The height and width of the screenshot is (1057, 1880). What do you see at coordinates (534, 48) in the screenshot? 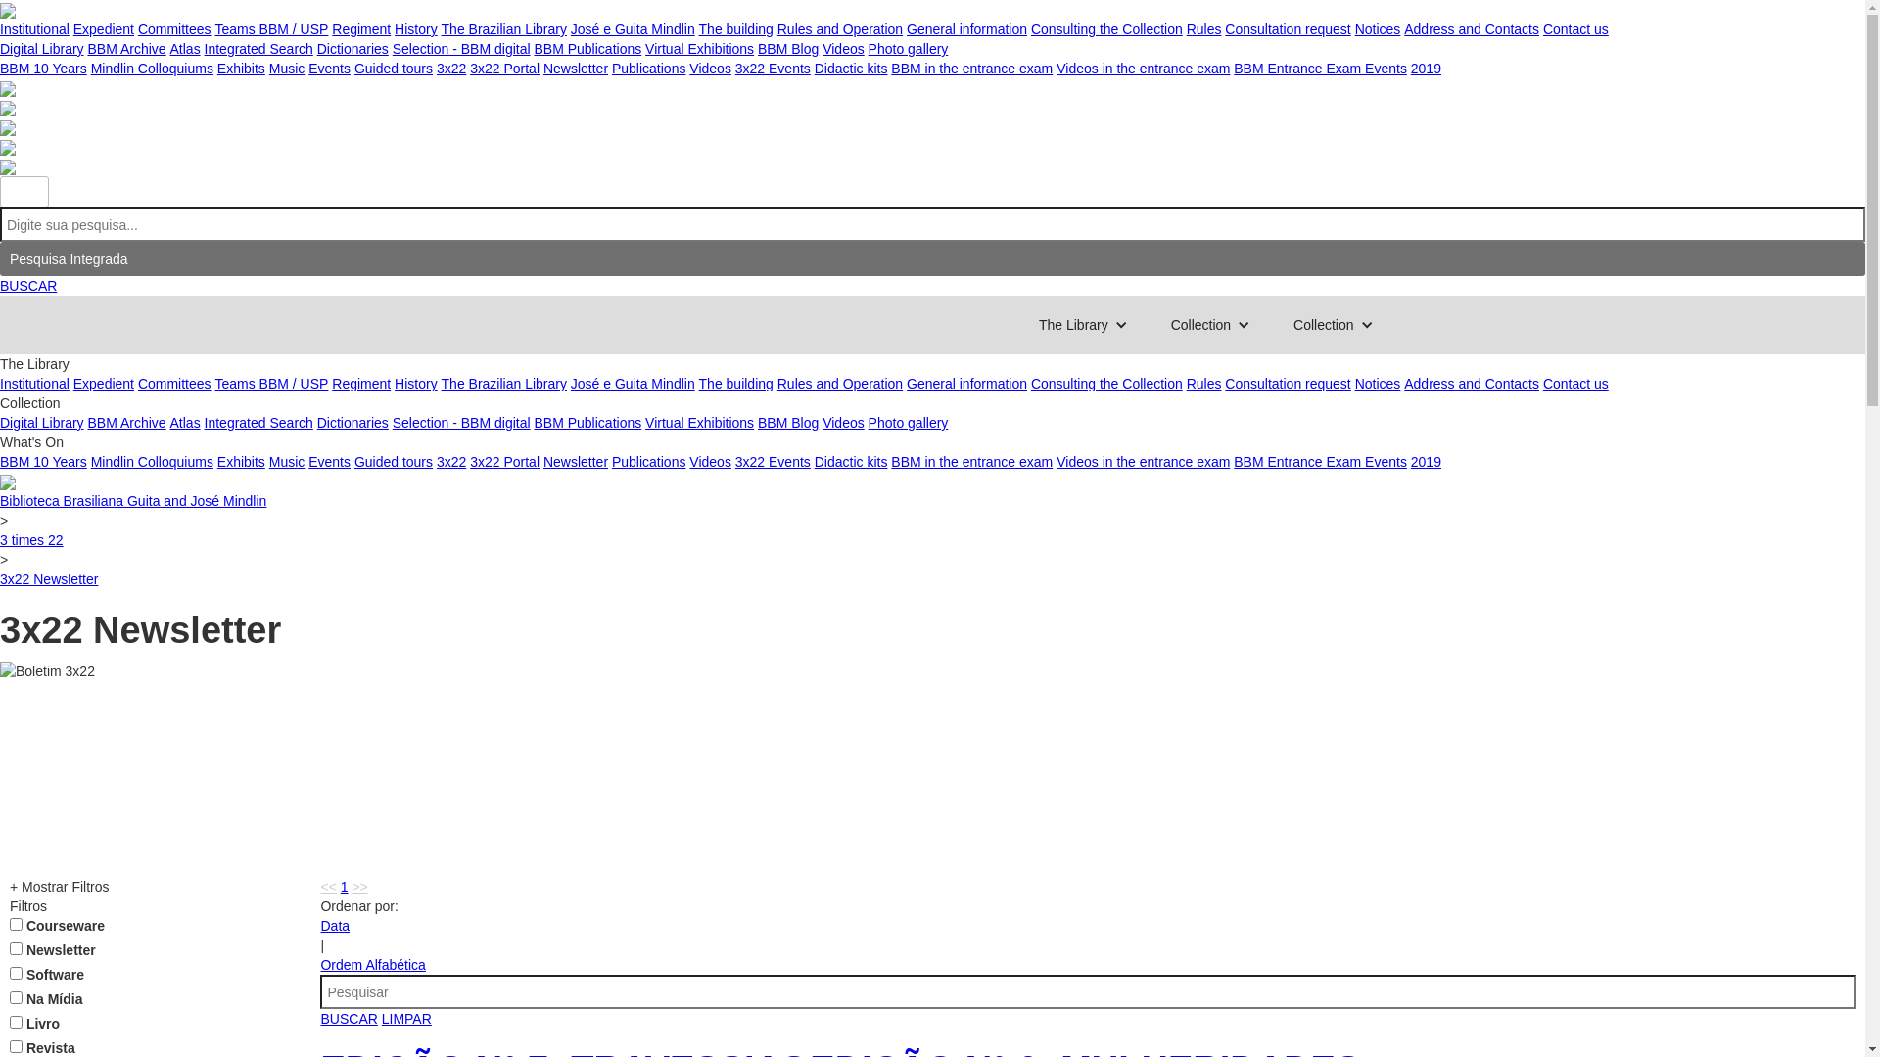
I see `'BBM Publications'` at bounding box center [534, 48].